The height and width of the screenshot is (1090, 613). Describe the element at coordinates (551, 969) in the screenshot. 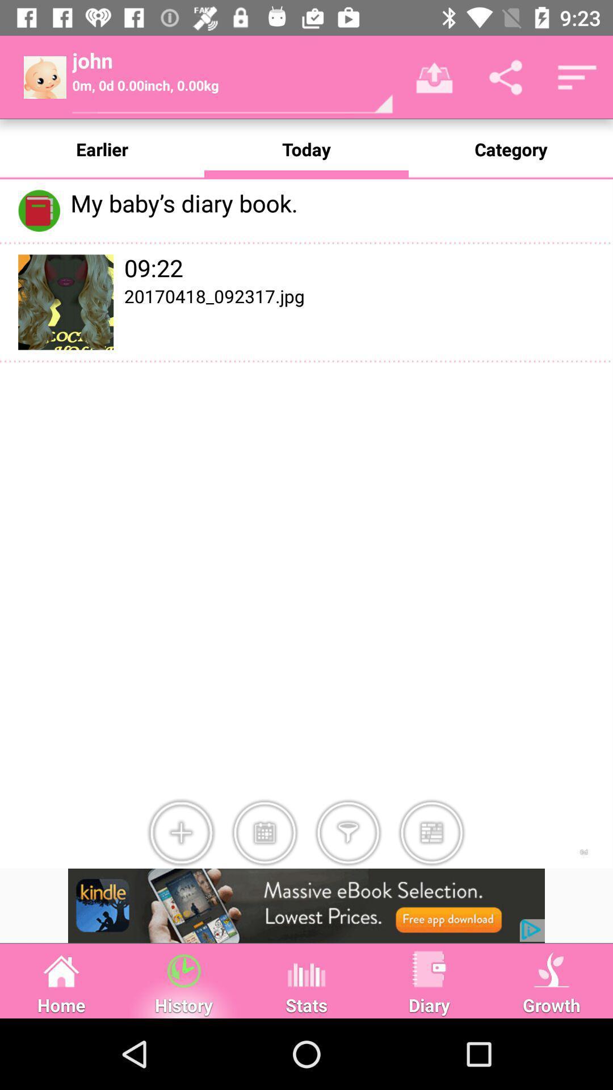

I see `the icon on the top of growth text` at that location.